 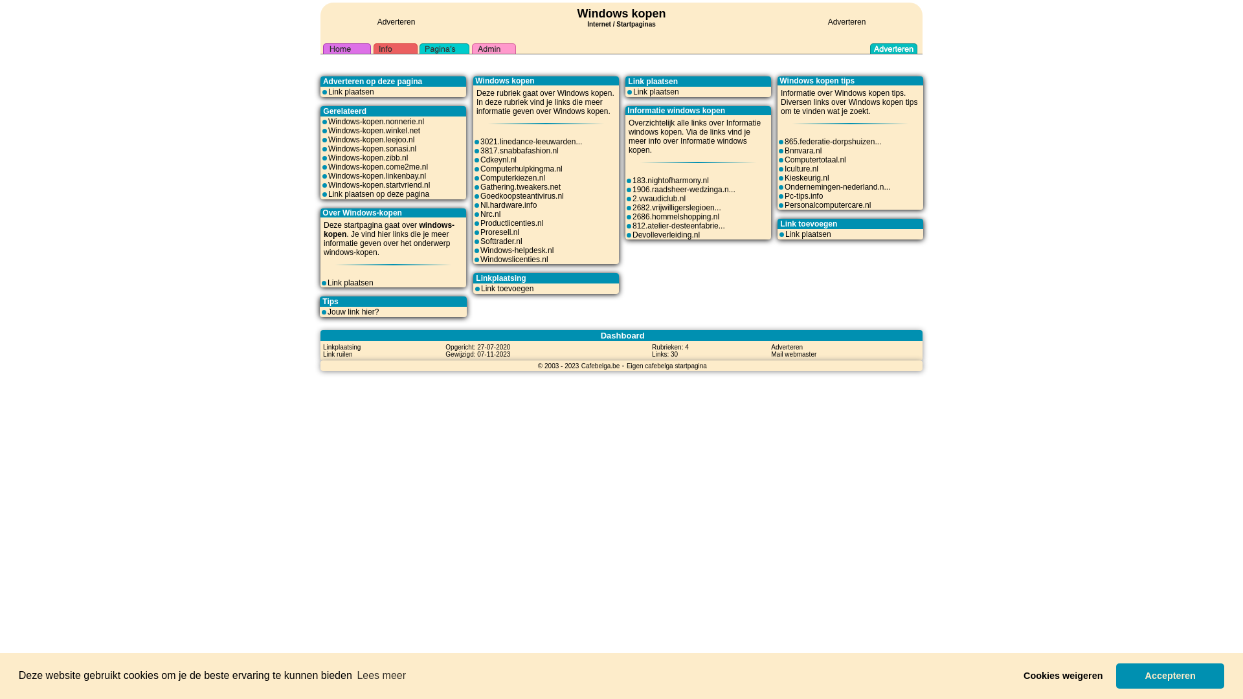 What do you see at coordinates (783, 204) in the screenshot?
I see `'Personalcomputercare.nl'` at bounding box center [783, 204].